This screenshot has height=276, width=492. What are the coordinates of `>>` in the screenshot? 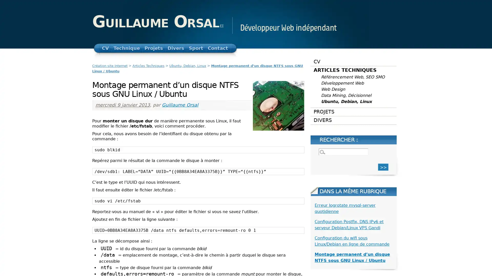 It's located at (383, 167).